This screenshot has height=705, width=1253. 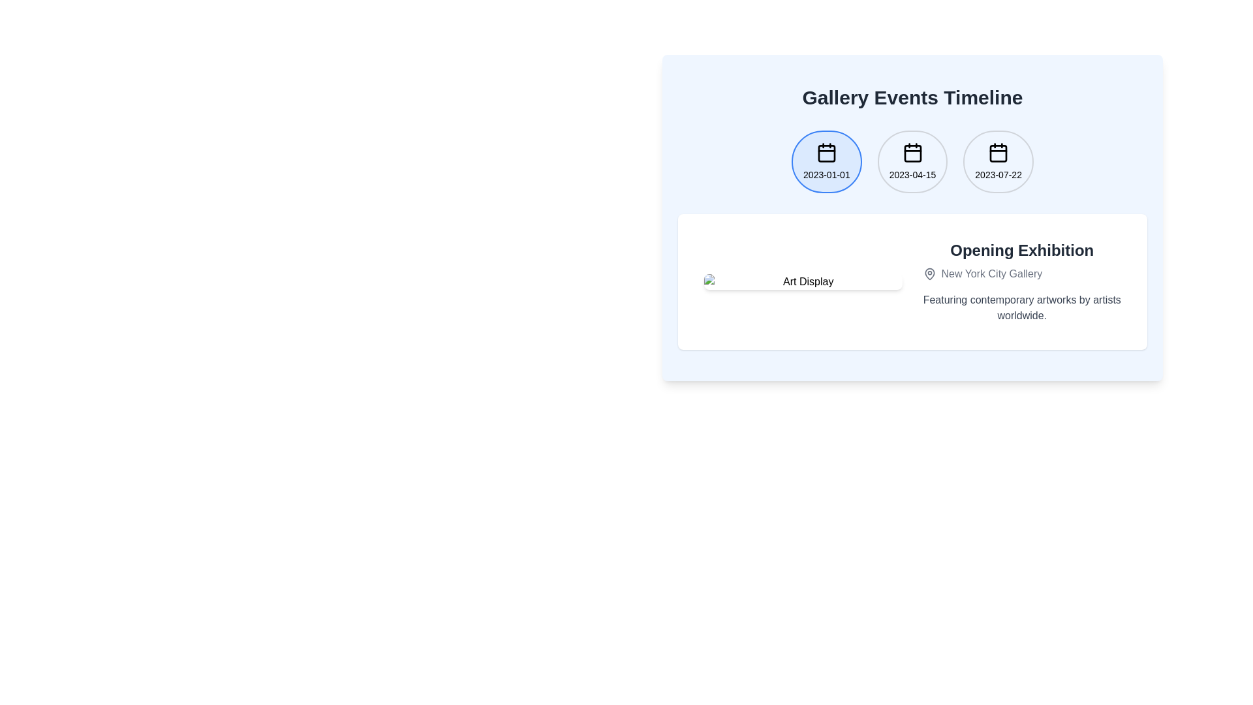 I want to click on text label 'New York City Gallery' that provides location information related to the event details, so click(x=991, y=274).